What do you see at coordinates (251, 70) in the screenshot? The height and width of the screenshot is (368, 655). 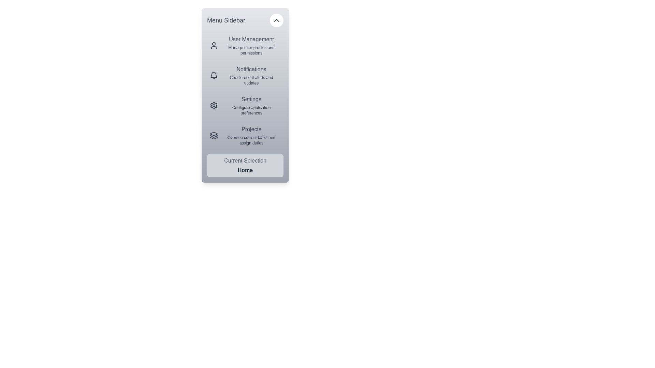 I see `the 'Notifications' label, which is centrally aligned within the menu sidebar and styled in medium font weight` at bounding box center [251, 70].